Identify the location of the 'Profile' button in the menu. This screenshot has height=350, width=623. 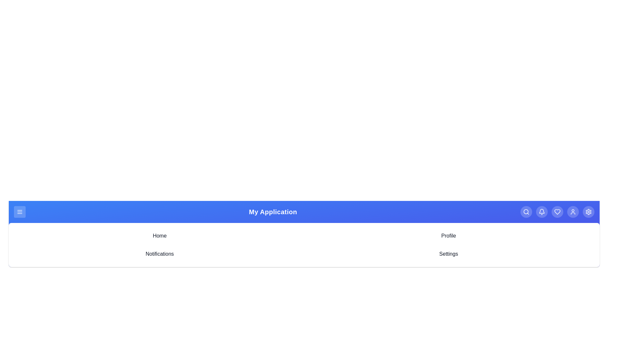
(448, 236).